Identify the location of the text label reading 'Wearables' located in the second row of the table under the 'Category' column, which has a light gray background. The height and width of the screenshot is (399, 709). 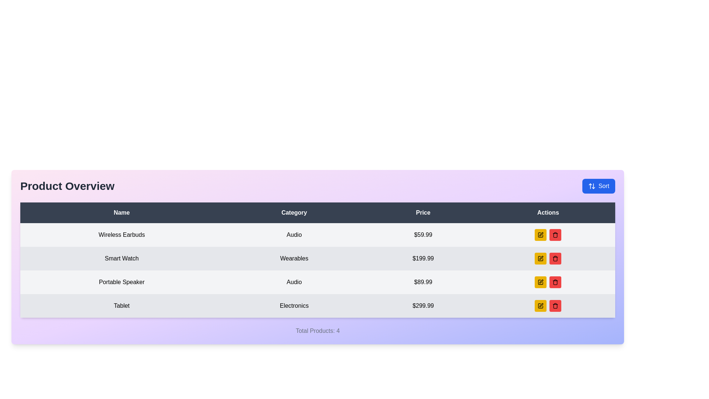
(294, 258).